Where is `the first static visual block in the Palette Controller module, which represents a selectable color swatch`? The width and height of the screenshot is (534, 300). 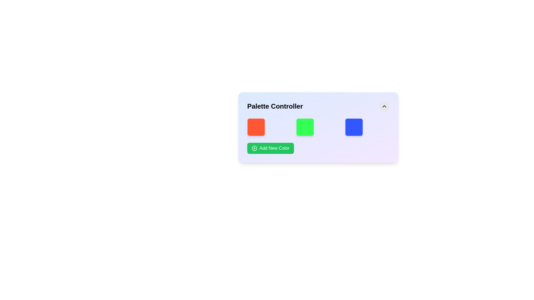
the first static visual block in the Palette Controller module, which represents a selectable color swatch is located at coordinates (256, 127).